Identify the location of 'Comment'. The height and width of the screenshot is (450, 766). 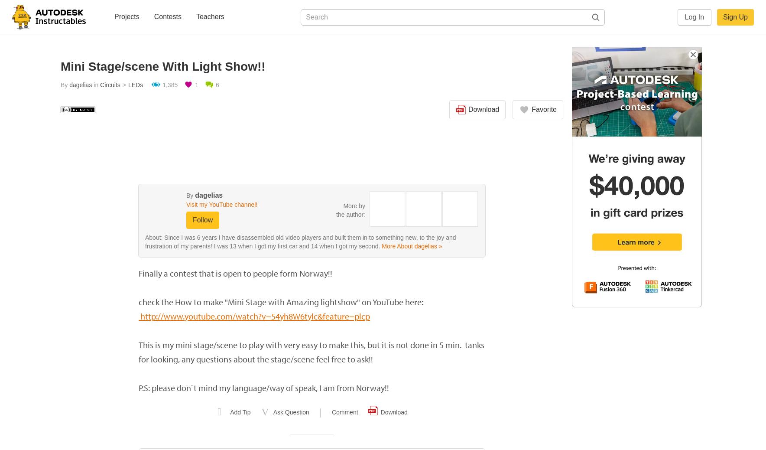
(344, 412).